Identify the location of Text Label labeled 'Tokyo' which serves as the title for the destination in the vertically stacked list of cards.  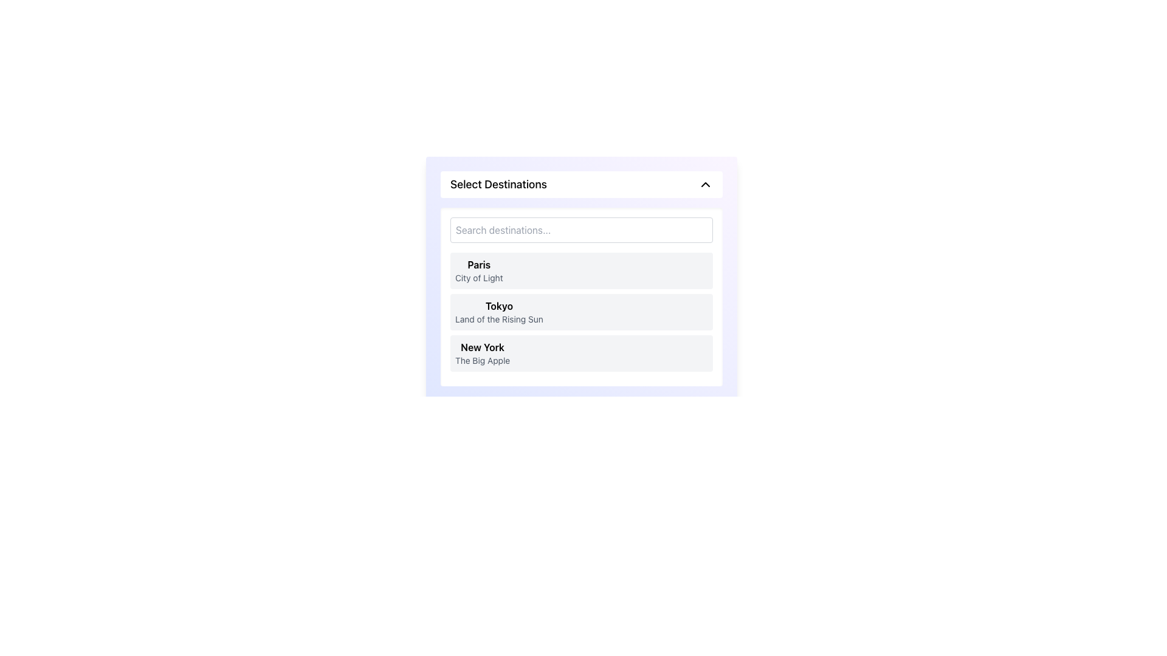
(499, 306).